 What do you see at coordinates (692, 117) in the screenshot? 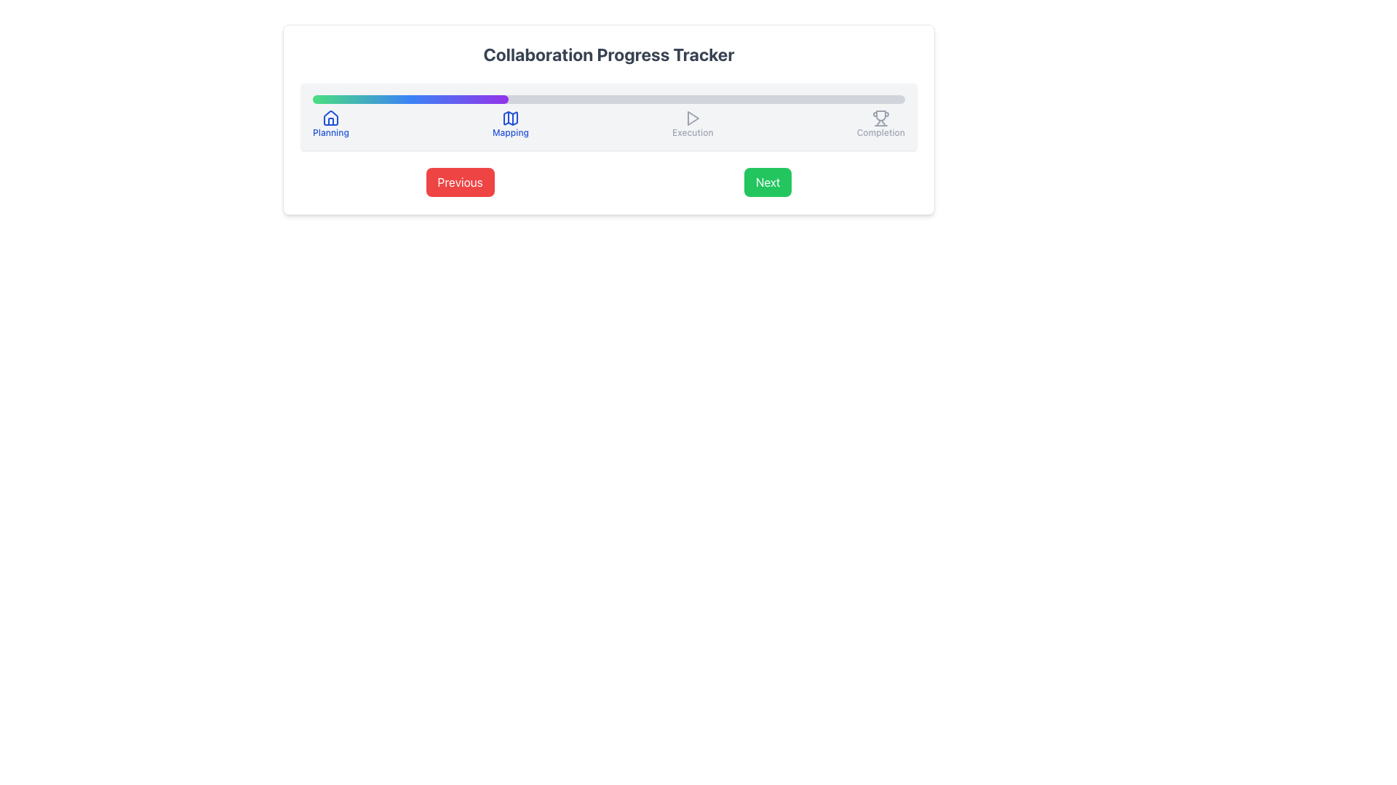
I see `the central icon indicating the 'Execution' step in the progress tracker, which is positioned between the 'Mapping' and 'Completion' steps` at bounding box center [692, 117].